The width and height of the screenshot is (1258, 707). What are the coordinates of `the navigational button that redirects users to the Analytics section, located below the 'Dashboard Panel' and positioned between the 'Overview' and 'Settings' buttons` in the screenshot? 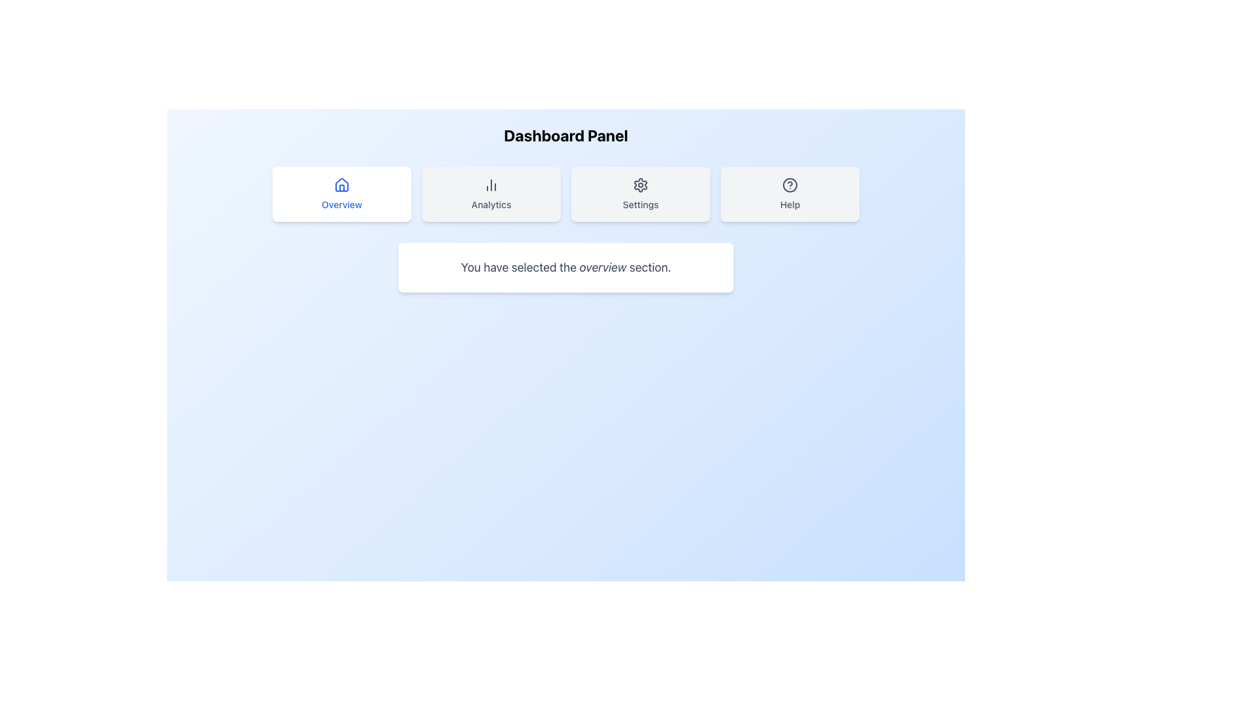 It's located at (490, 194).